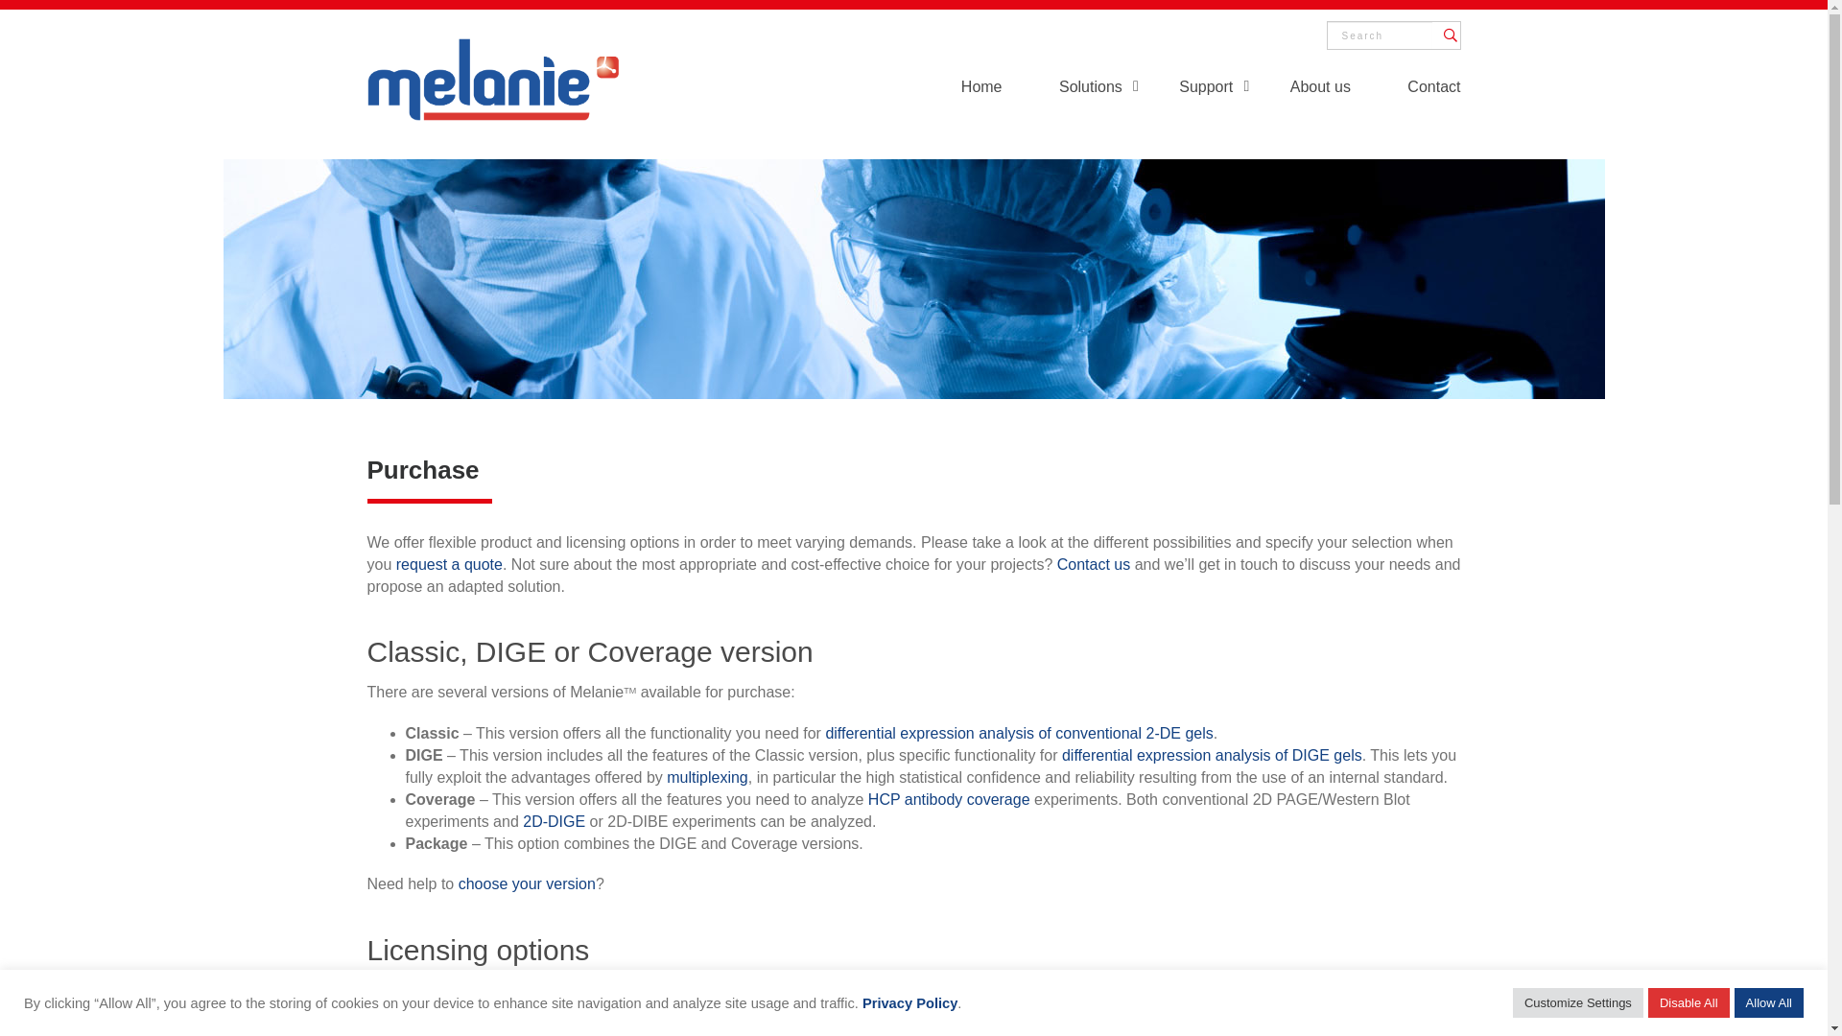  What do you see at coordinates (961, 89) in the screenshot?
I see `'Home'` at bounding box center [961, 89].